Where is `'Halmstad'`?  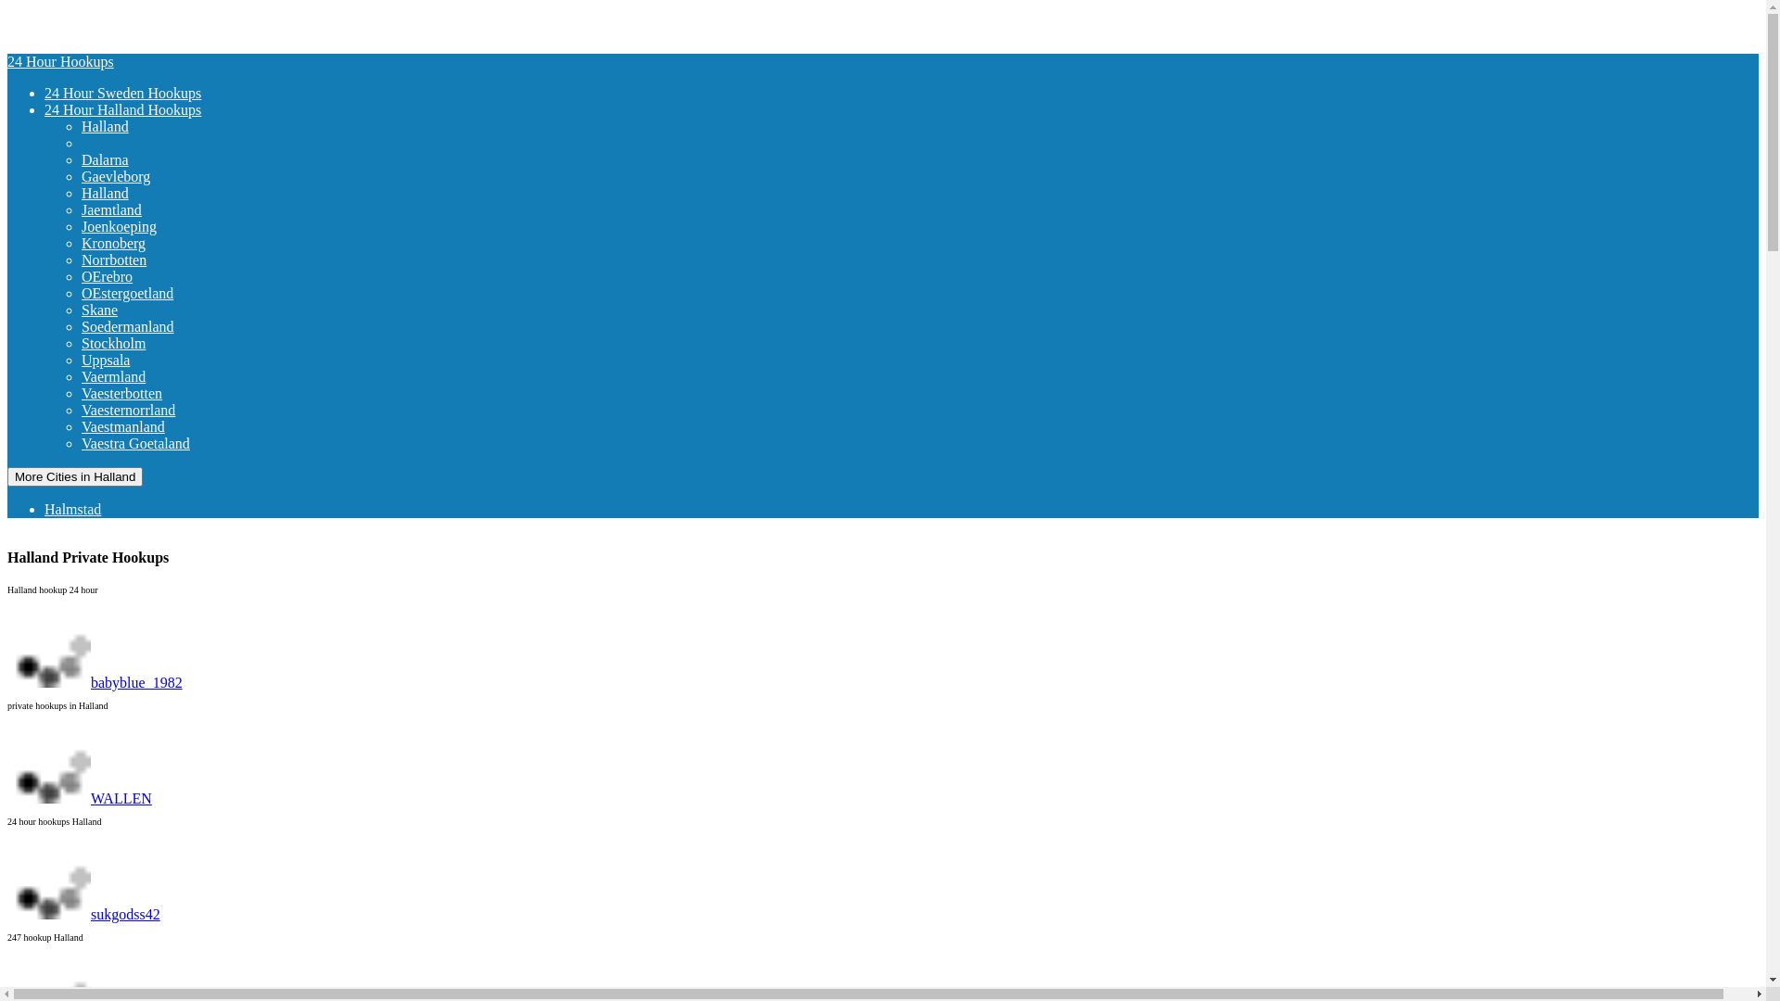
'Halmstad' is located at coordinates (104, 509).